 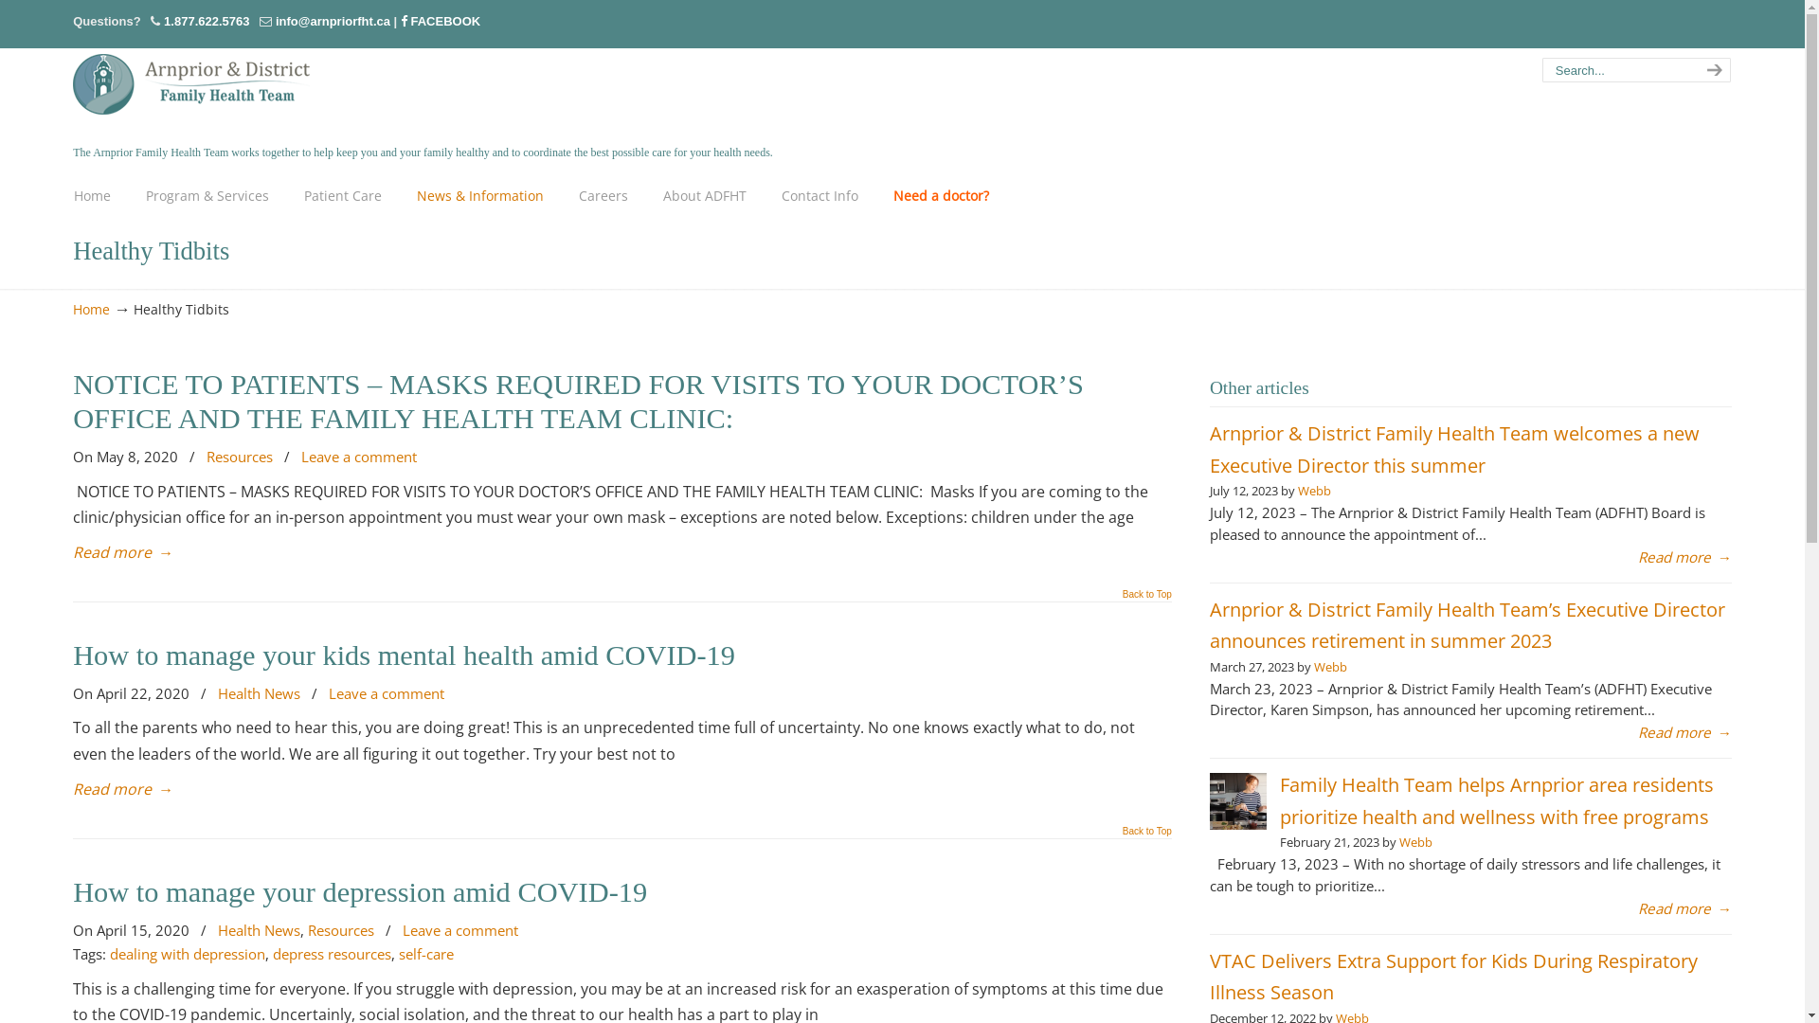 What do you see at coordinates (603, 196) in the screenshot?
I see `'Careers'` at bounding box center [603, 196].